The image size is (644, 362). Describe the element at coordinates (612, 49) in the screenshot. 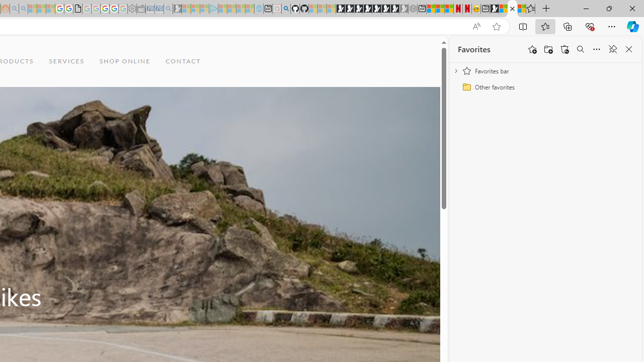

I see `'Unpin favorites'` at that location.